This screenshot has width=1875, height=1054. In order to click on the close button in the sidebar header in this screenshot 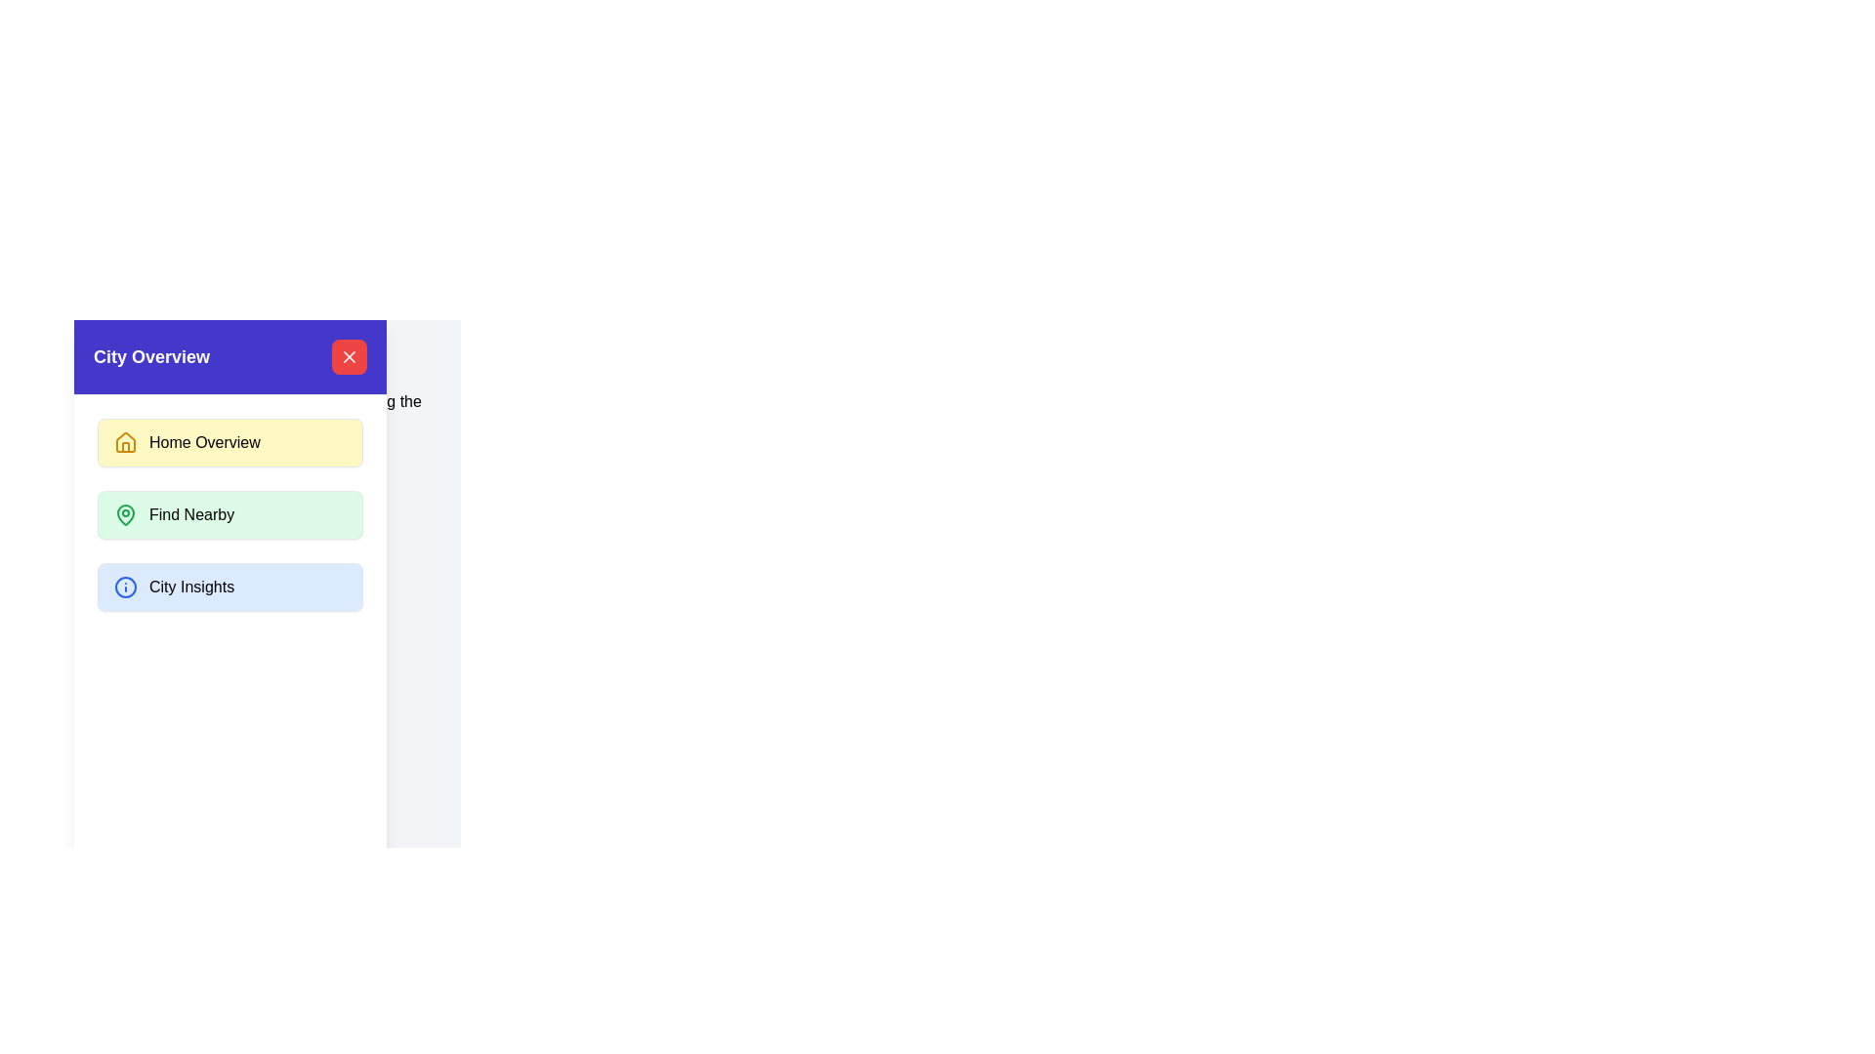, I will do `click(350, 357)`.